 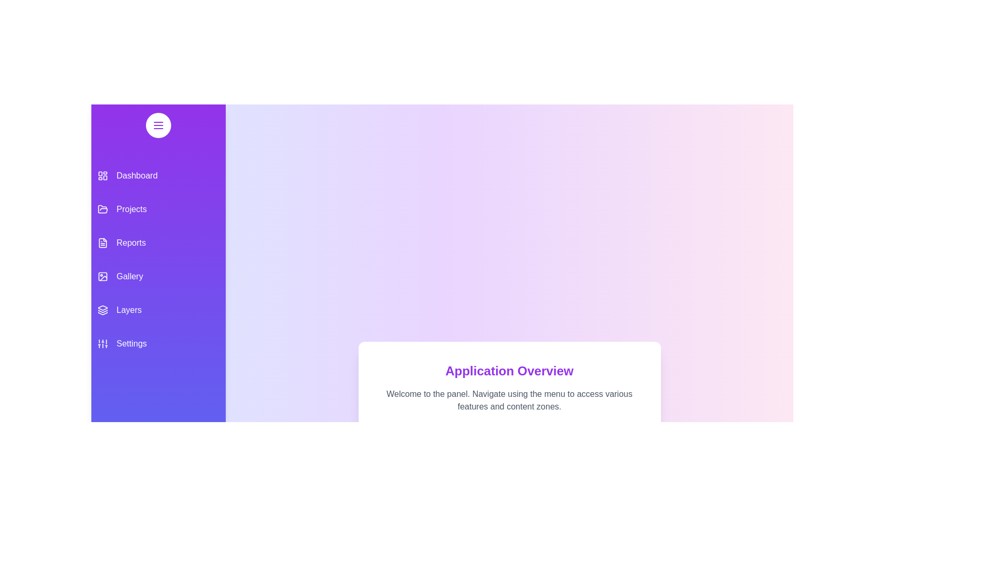 What do you see at coordinates (158, 243) in the screenshot?
I see `the menu item Reports from the drawer to navigate to its respective section` at bounding box center [158, 243].